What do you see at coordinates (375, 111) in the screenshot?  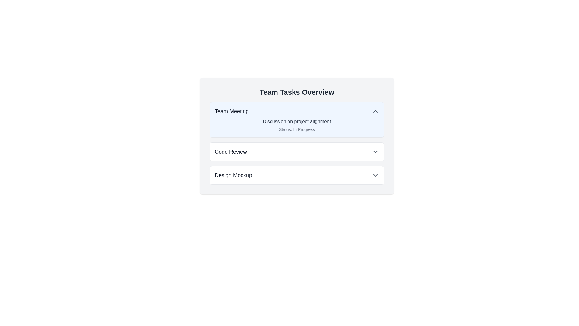 I see `the chevron icon located in the upper-right section of the 'Team Meeting' panel` at bounding box center [375, 111].